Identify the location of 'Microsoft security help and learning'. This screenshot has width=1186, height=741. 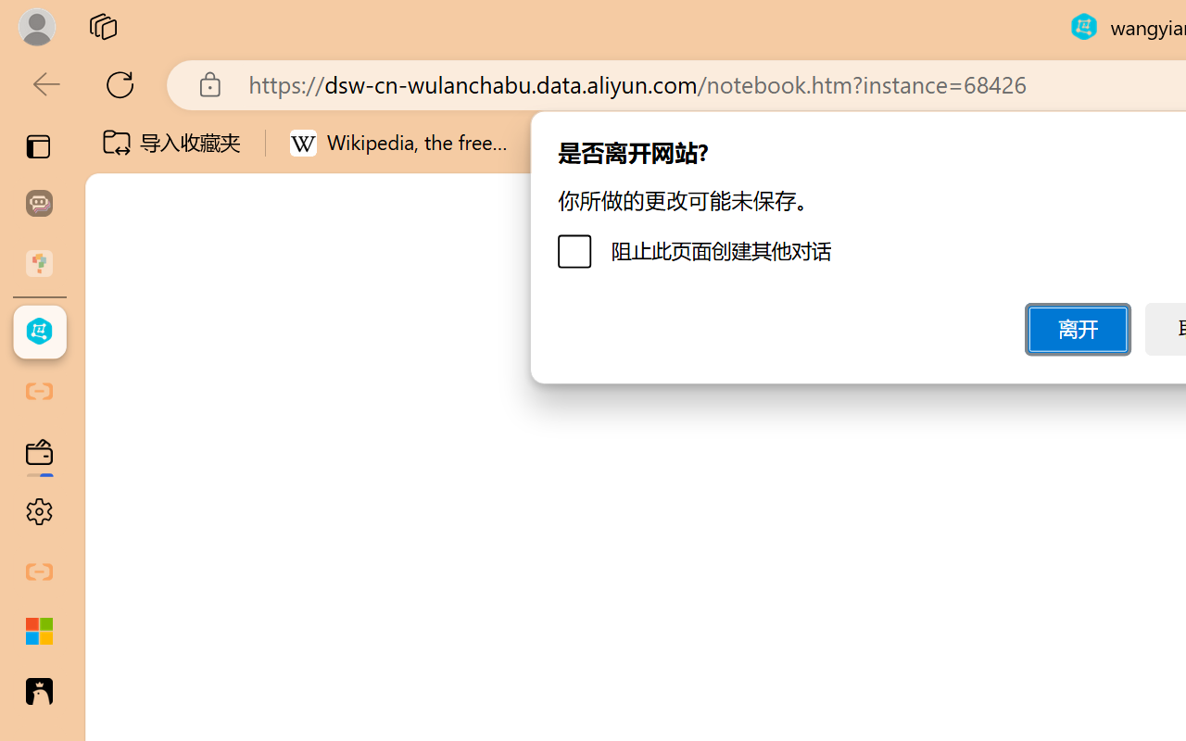
(39, 632).